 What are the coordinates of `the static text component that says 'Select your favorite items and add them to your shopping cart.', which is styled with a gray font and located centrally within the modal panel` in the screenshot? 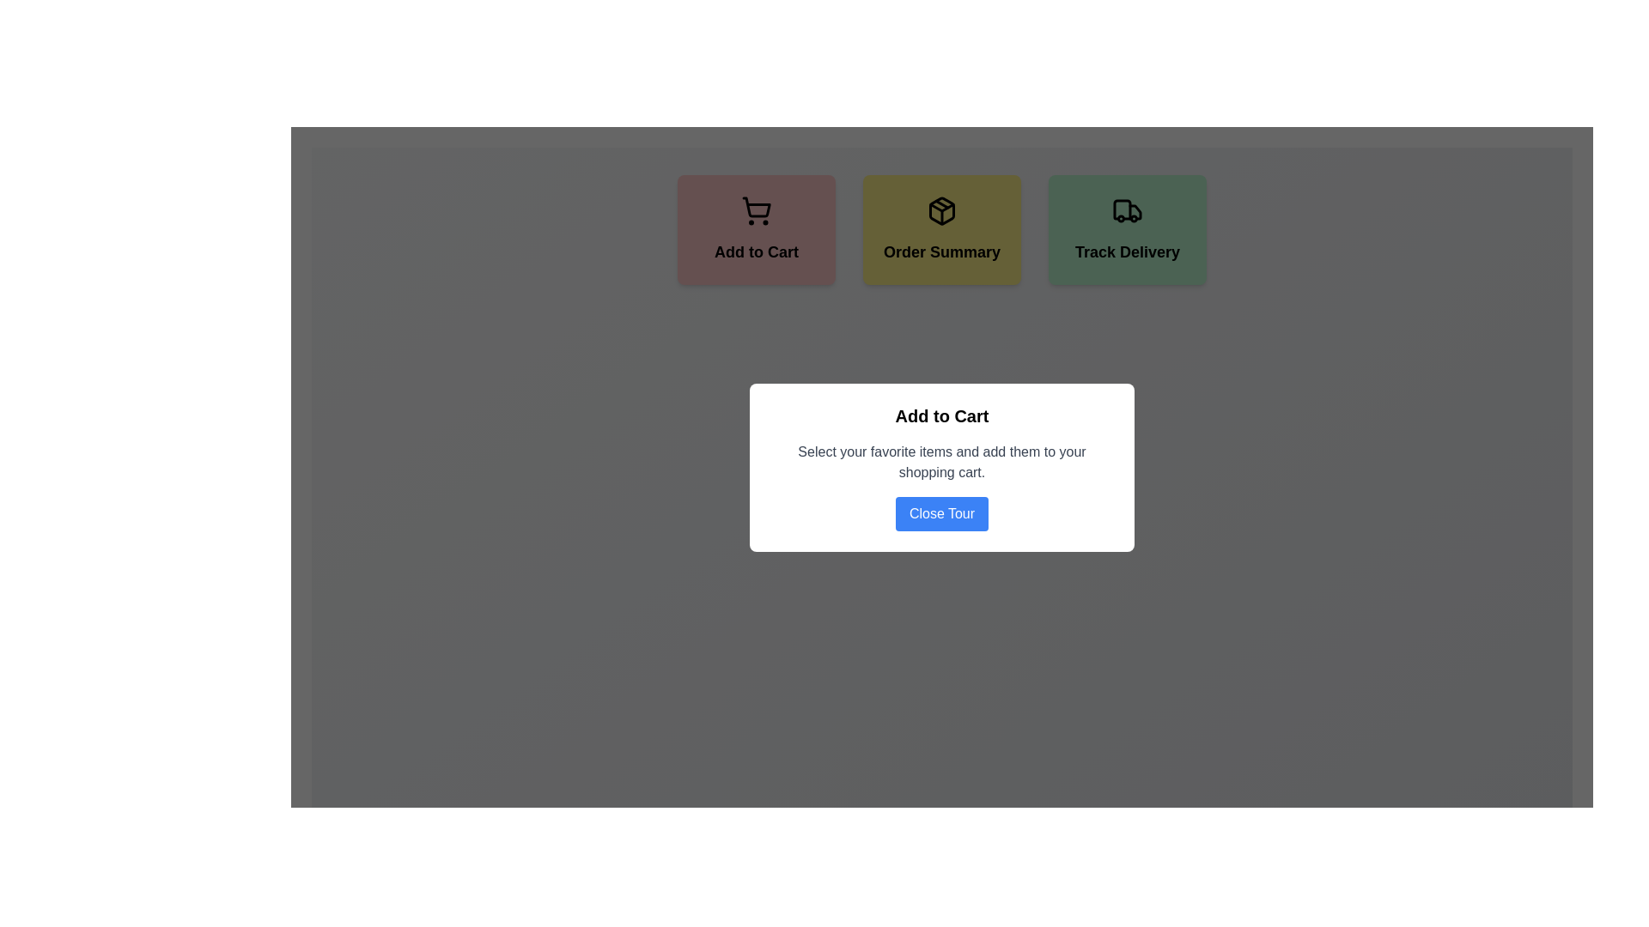 It's located at (941, 461).